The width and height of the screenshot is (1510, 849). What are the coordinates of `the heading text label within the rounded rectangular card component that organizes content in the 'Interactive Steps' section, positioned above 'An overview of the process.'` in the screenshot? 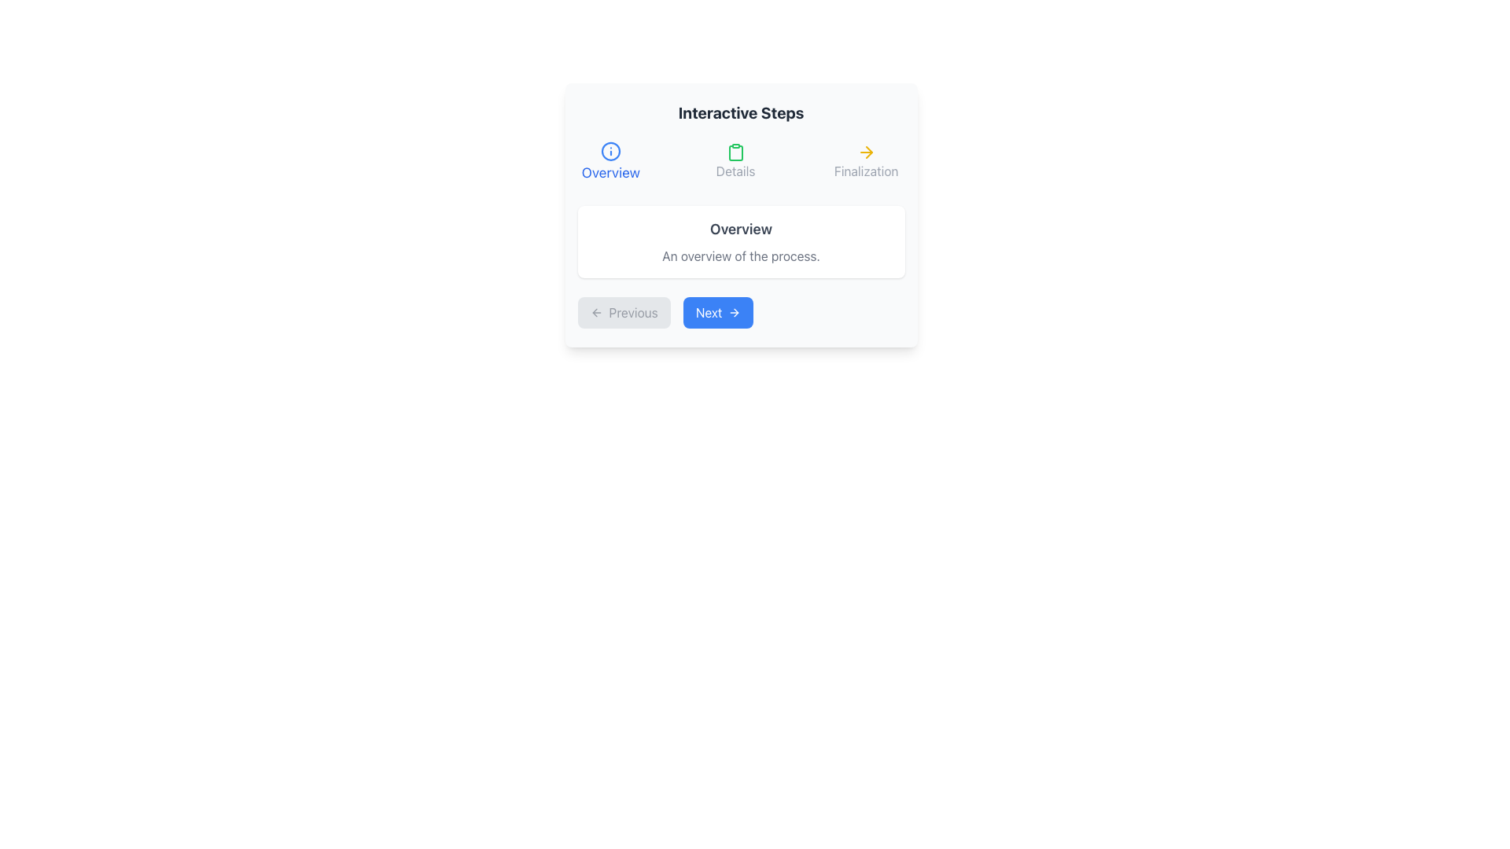 It's located at (740, 230).